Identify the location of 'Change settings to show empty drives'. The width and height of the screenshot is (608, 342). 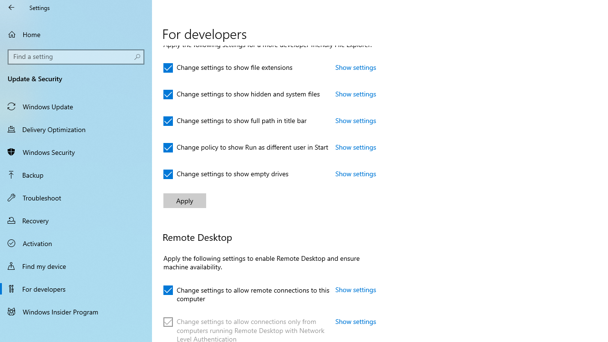
(226, 174).